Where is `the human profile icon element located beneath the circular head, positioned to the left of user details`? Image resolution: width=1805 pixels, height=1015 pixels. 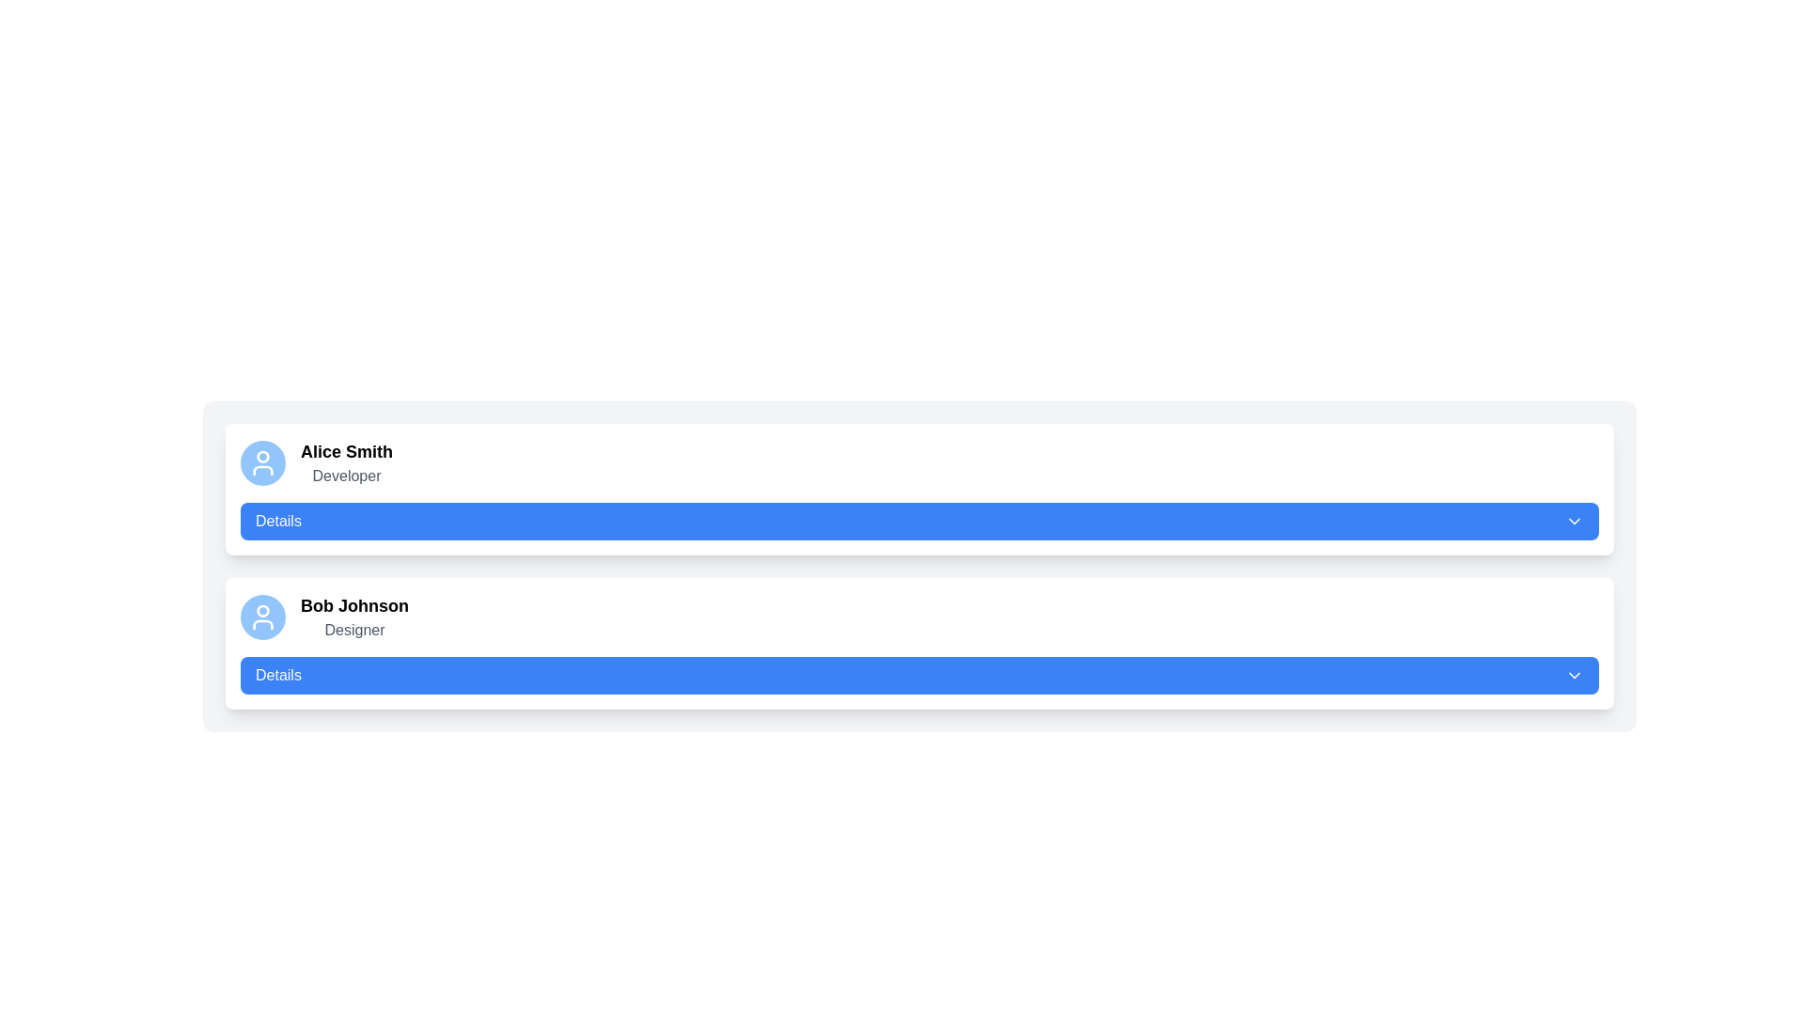
the human profile icon element located beneath the circular head, positioned to the left of user details is located at coordinates (261, 470).